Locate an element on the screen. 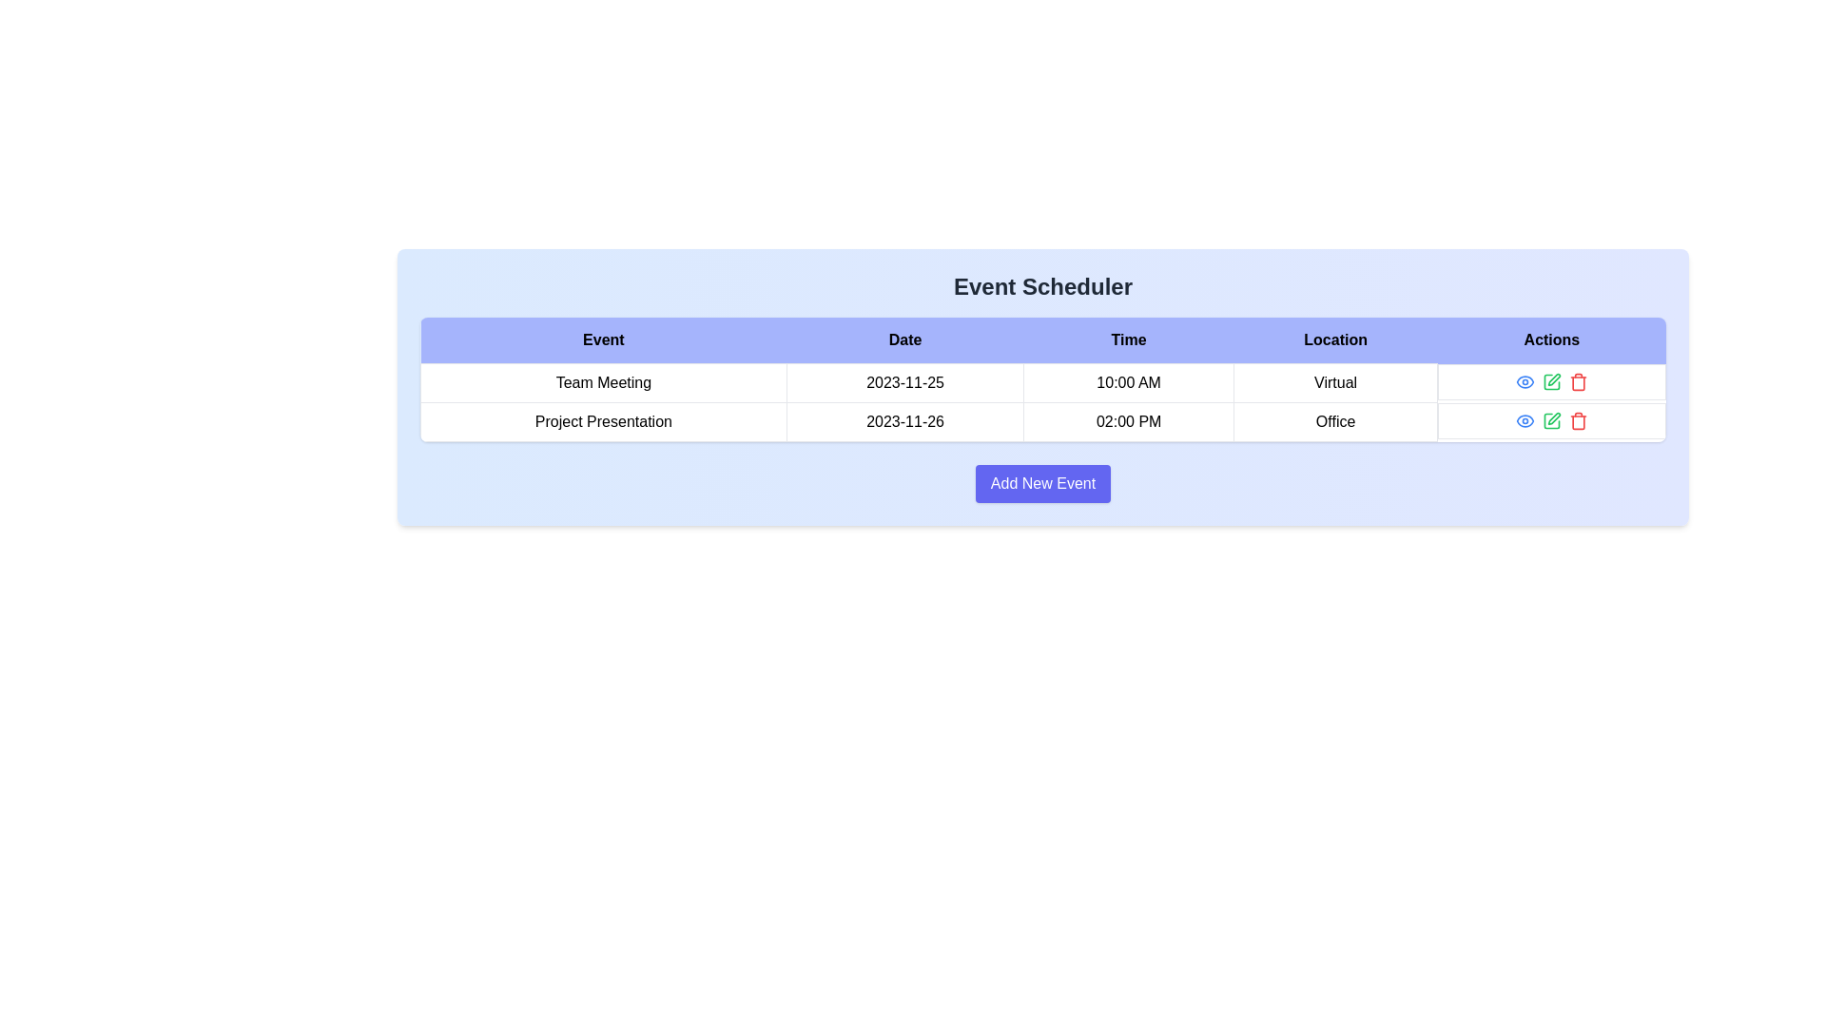 The width and height of the screenshot is (1826, 1027). the 'Actions' column header text label in the table, which is located in the fifth column from the left, aligned to the top-right area of the table layout is located at coordinates (1552, 339).